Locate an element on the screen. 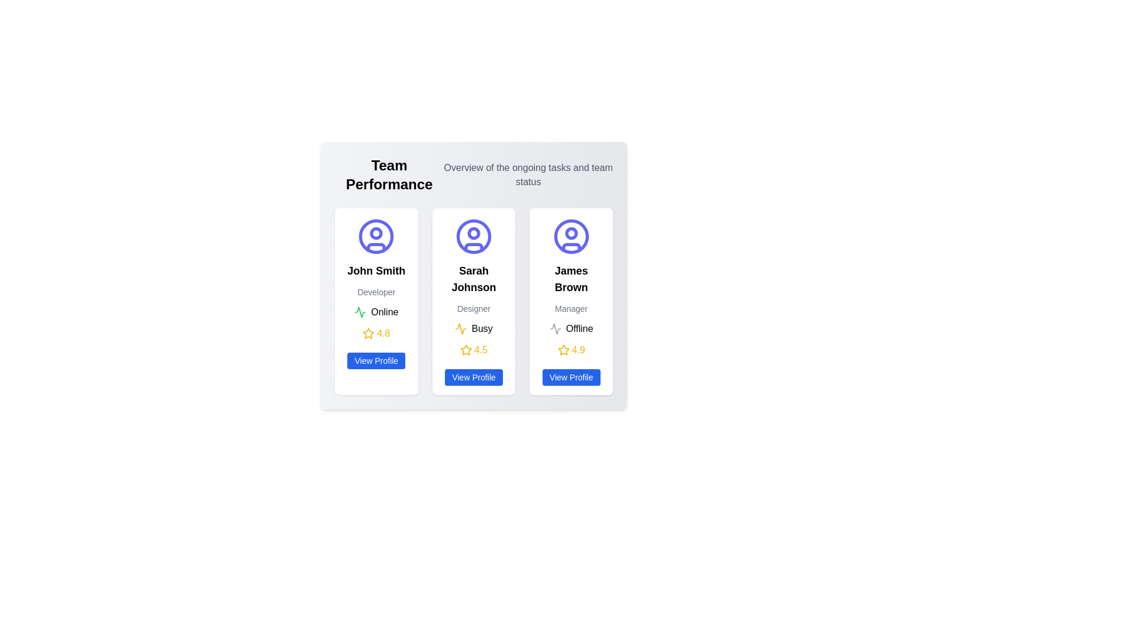  text label displaying 'Online' which indicates the current status of user 'John Smith', located to the right of the green activity icon is located at coordinates (385, 312).